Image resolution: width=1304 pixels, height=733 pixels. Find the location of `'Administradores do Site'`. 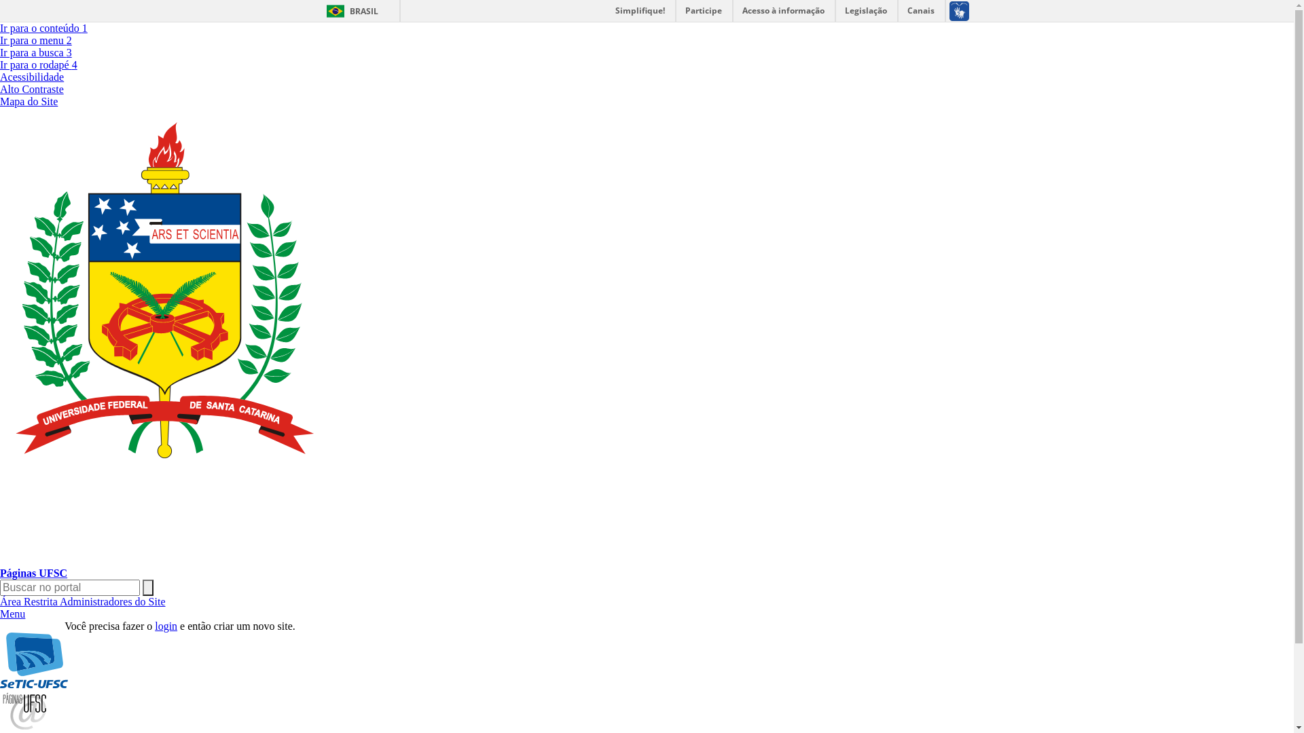

'Administradores do Site' is located at coordinates (58, 601).